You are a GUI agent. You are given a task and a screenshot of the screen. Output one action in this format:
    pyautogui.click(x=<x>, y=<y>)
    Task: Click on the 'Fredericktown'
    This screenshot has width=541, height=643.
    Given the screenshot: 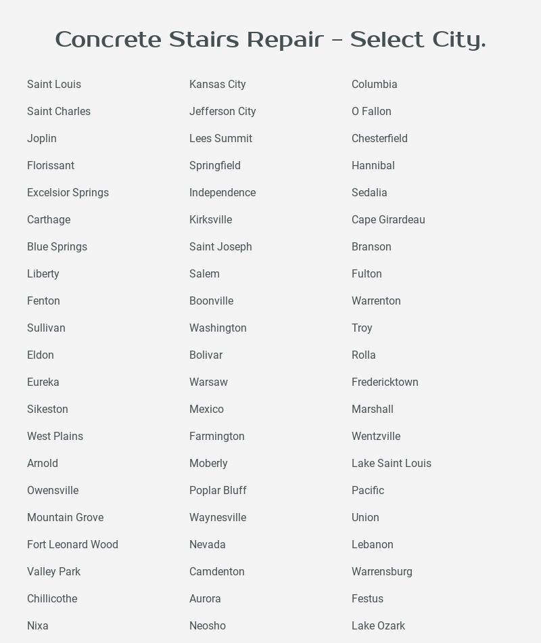 What is the action you would take?
    pyautogui.click(x=350, y=382)
    